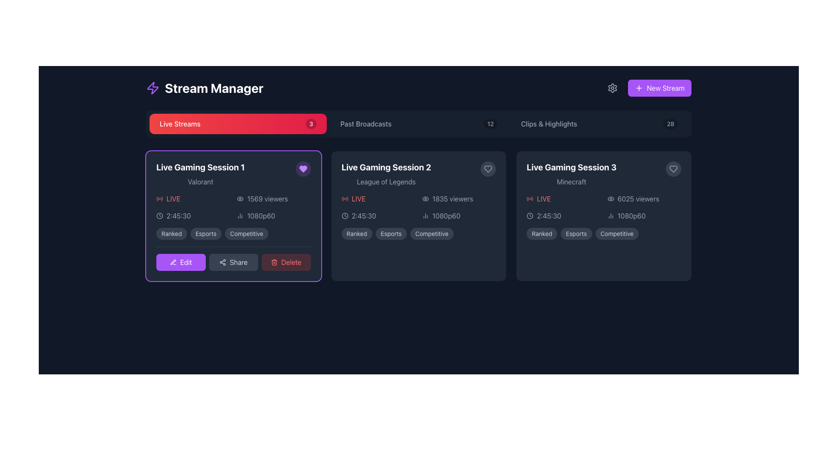  I want to click on the static text content displaying 'Live Gaming Session 1' above 'Valorant' in the first card of the stream manager interface, so click(200, 173).